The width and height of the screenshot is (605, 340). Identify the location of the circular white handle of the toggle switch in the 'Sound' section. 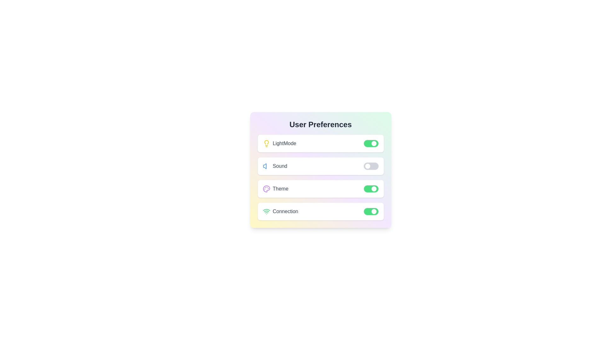
(371, 166).